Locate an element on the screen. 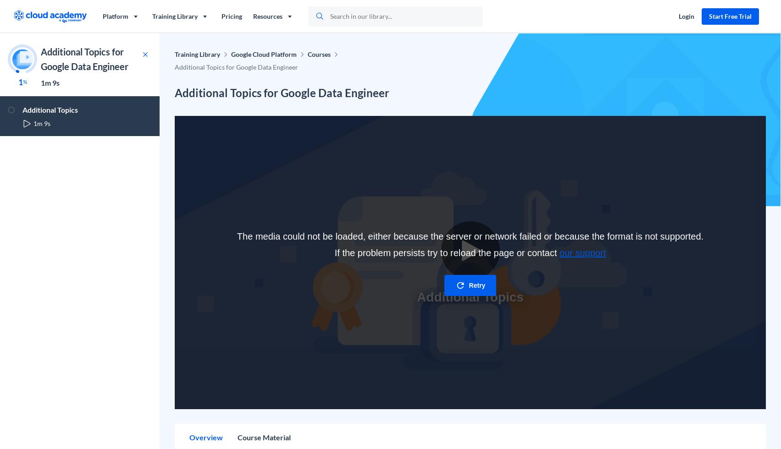 This screenshot has height=449, width=781. 'Google Cloud Platform' is located at coordinates (263, 54).